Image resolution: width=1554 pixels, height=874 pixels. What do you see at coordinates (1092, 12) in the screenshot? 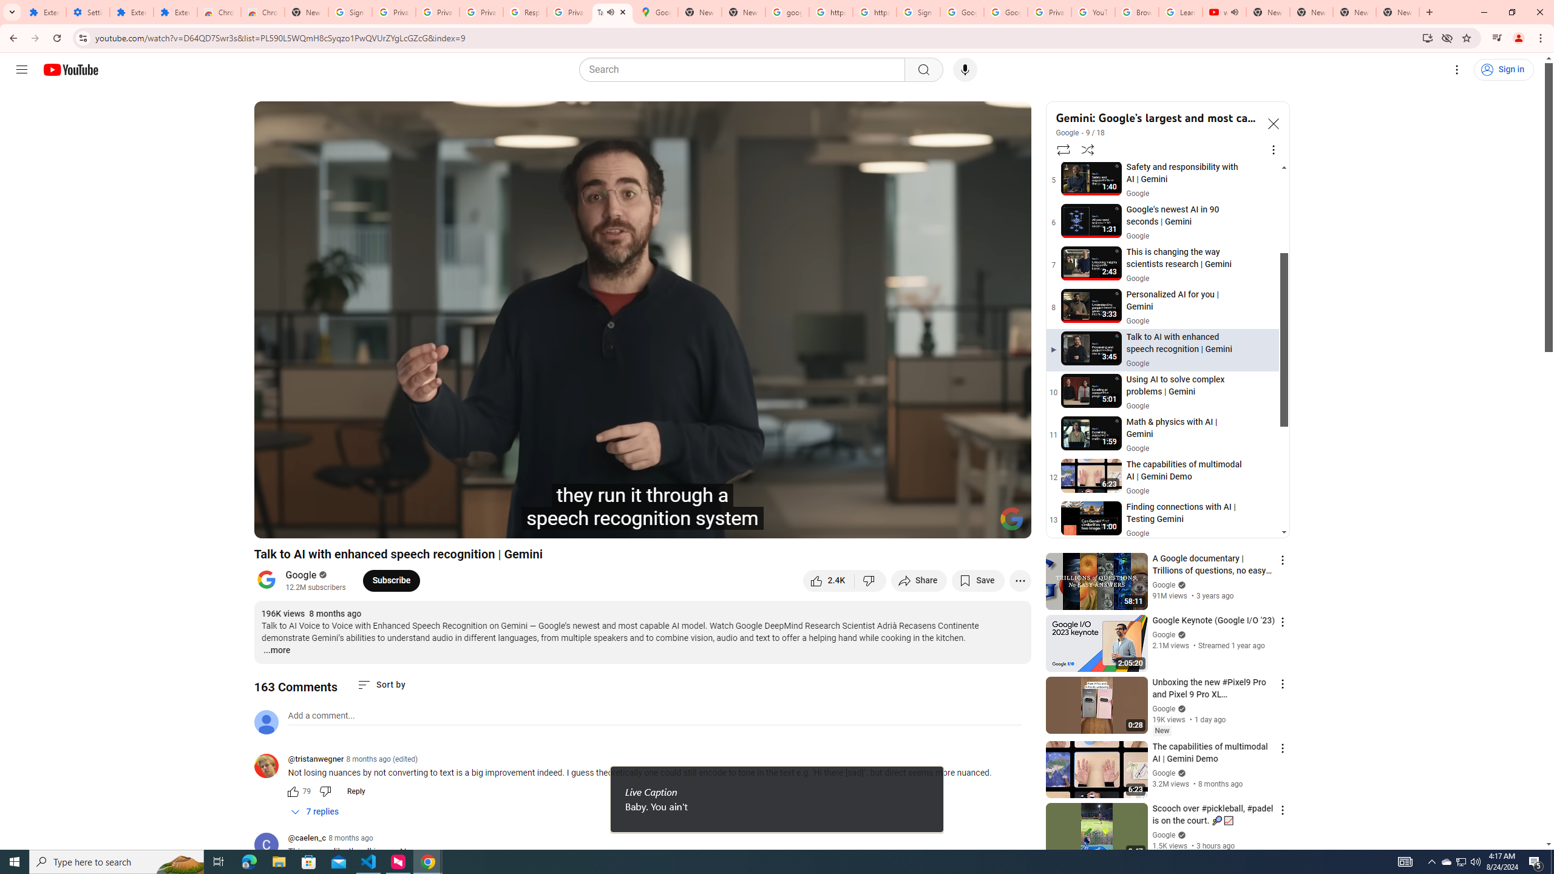
I see `'YouTube'` at bounding box center [1092, 12].